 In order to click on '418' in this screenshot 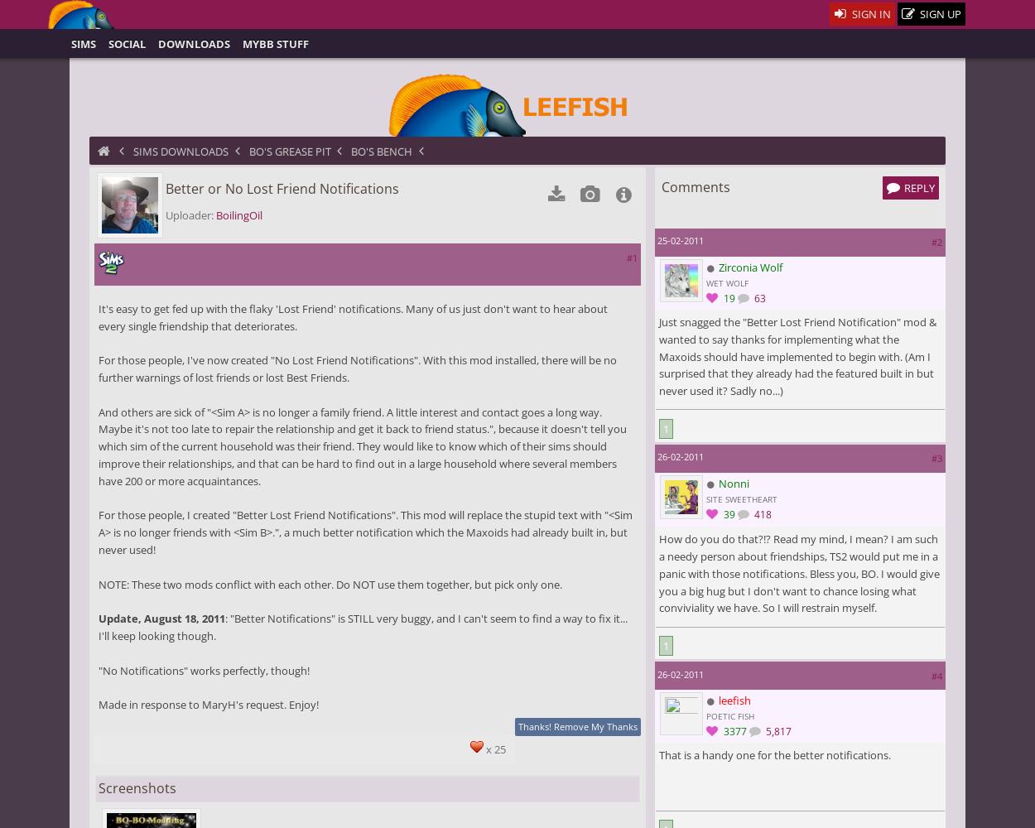, I will do `click(761, 513)`.